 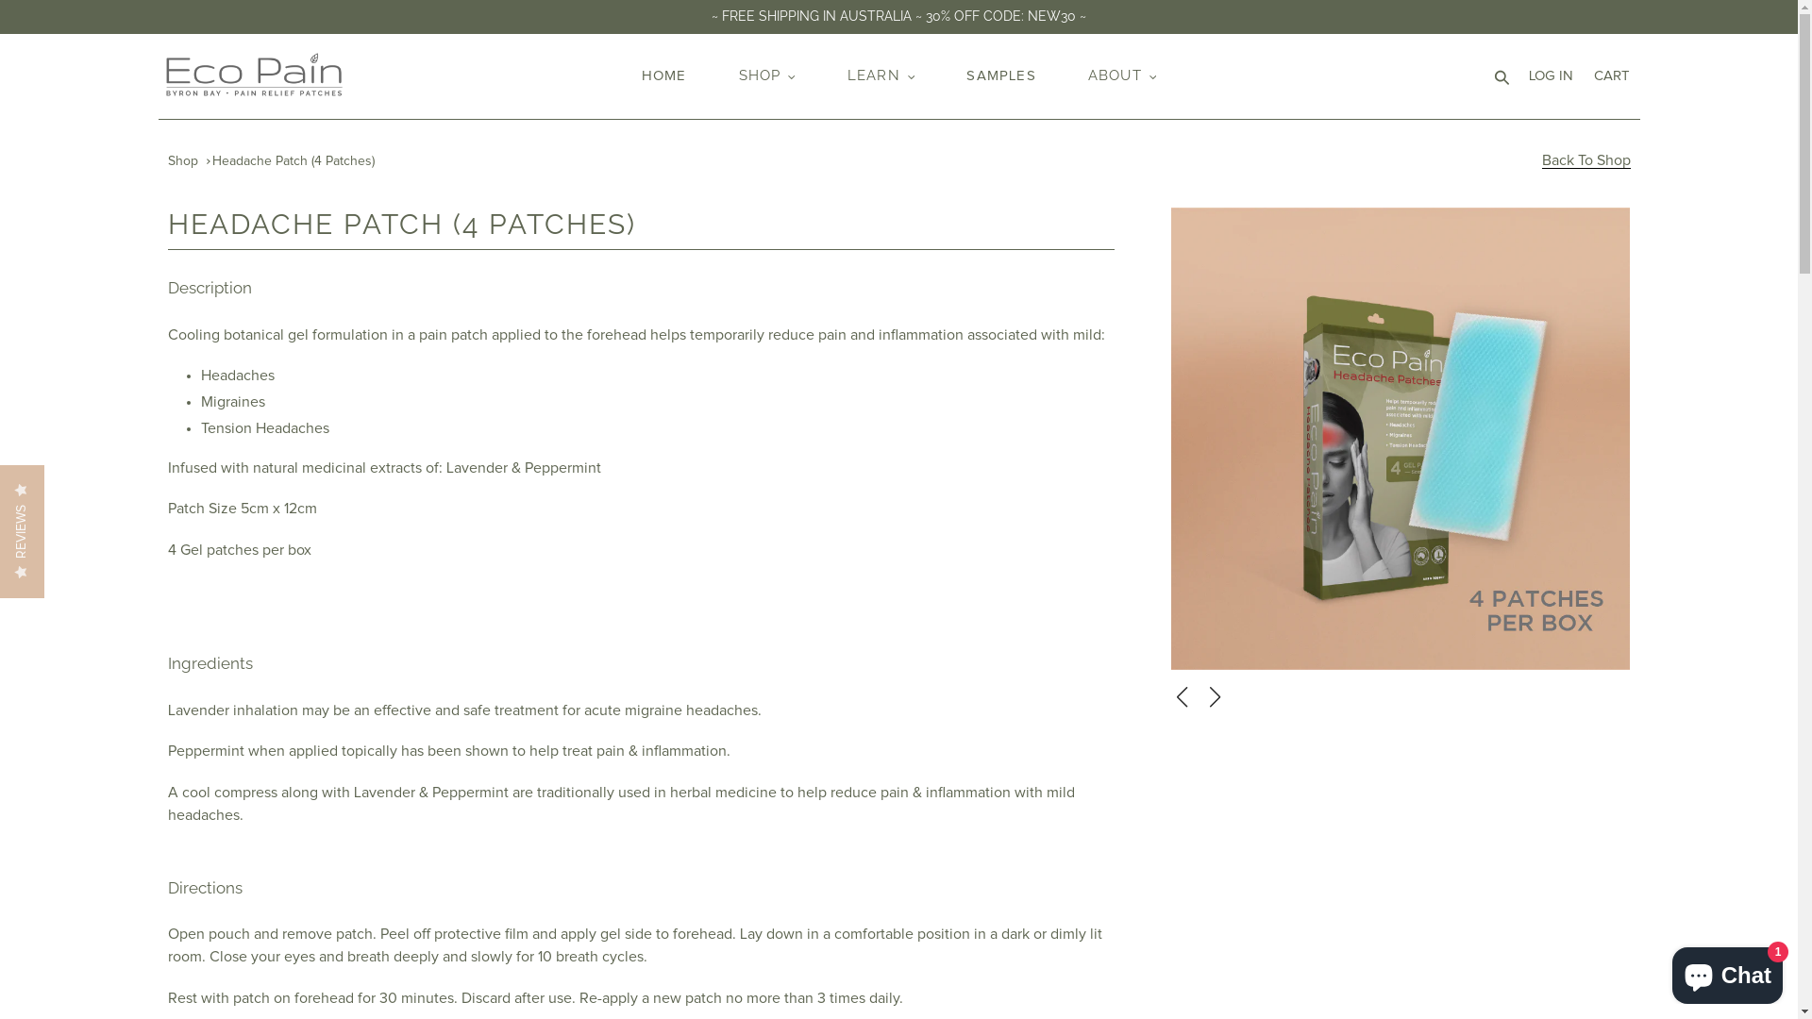 I want to click on 'HOME', so click(x=664, y=75).